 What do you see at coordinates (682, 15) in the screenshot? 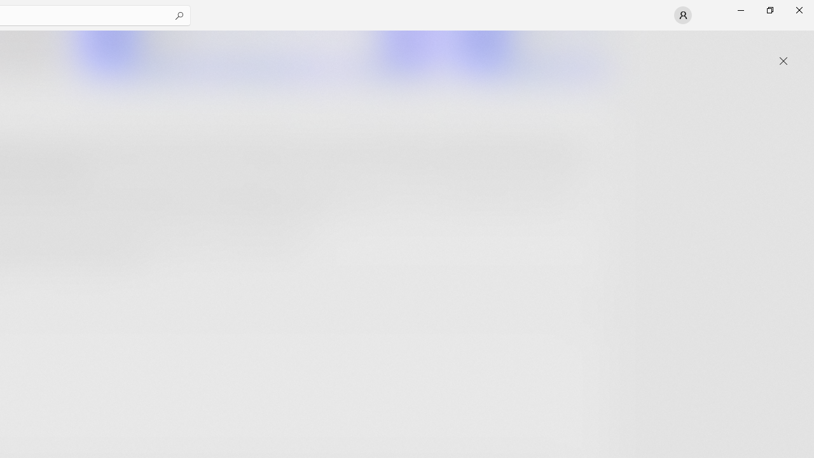
I see `'User profile'` at bounding box center [682, 15].